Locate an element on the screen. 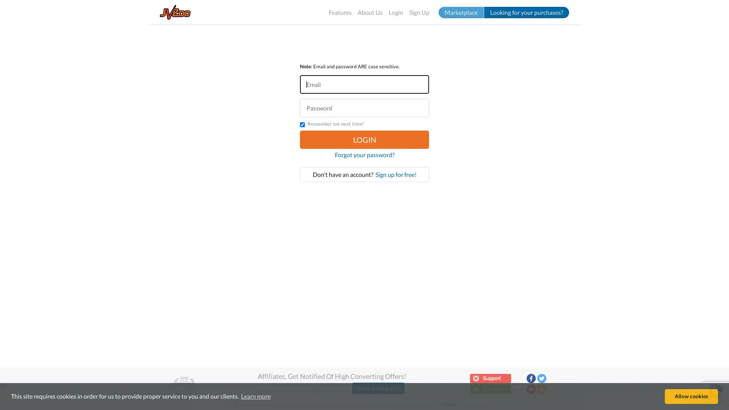  allow cookies is located at coordinates (691, 396).